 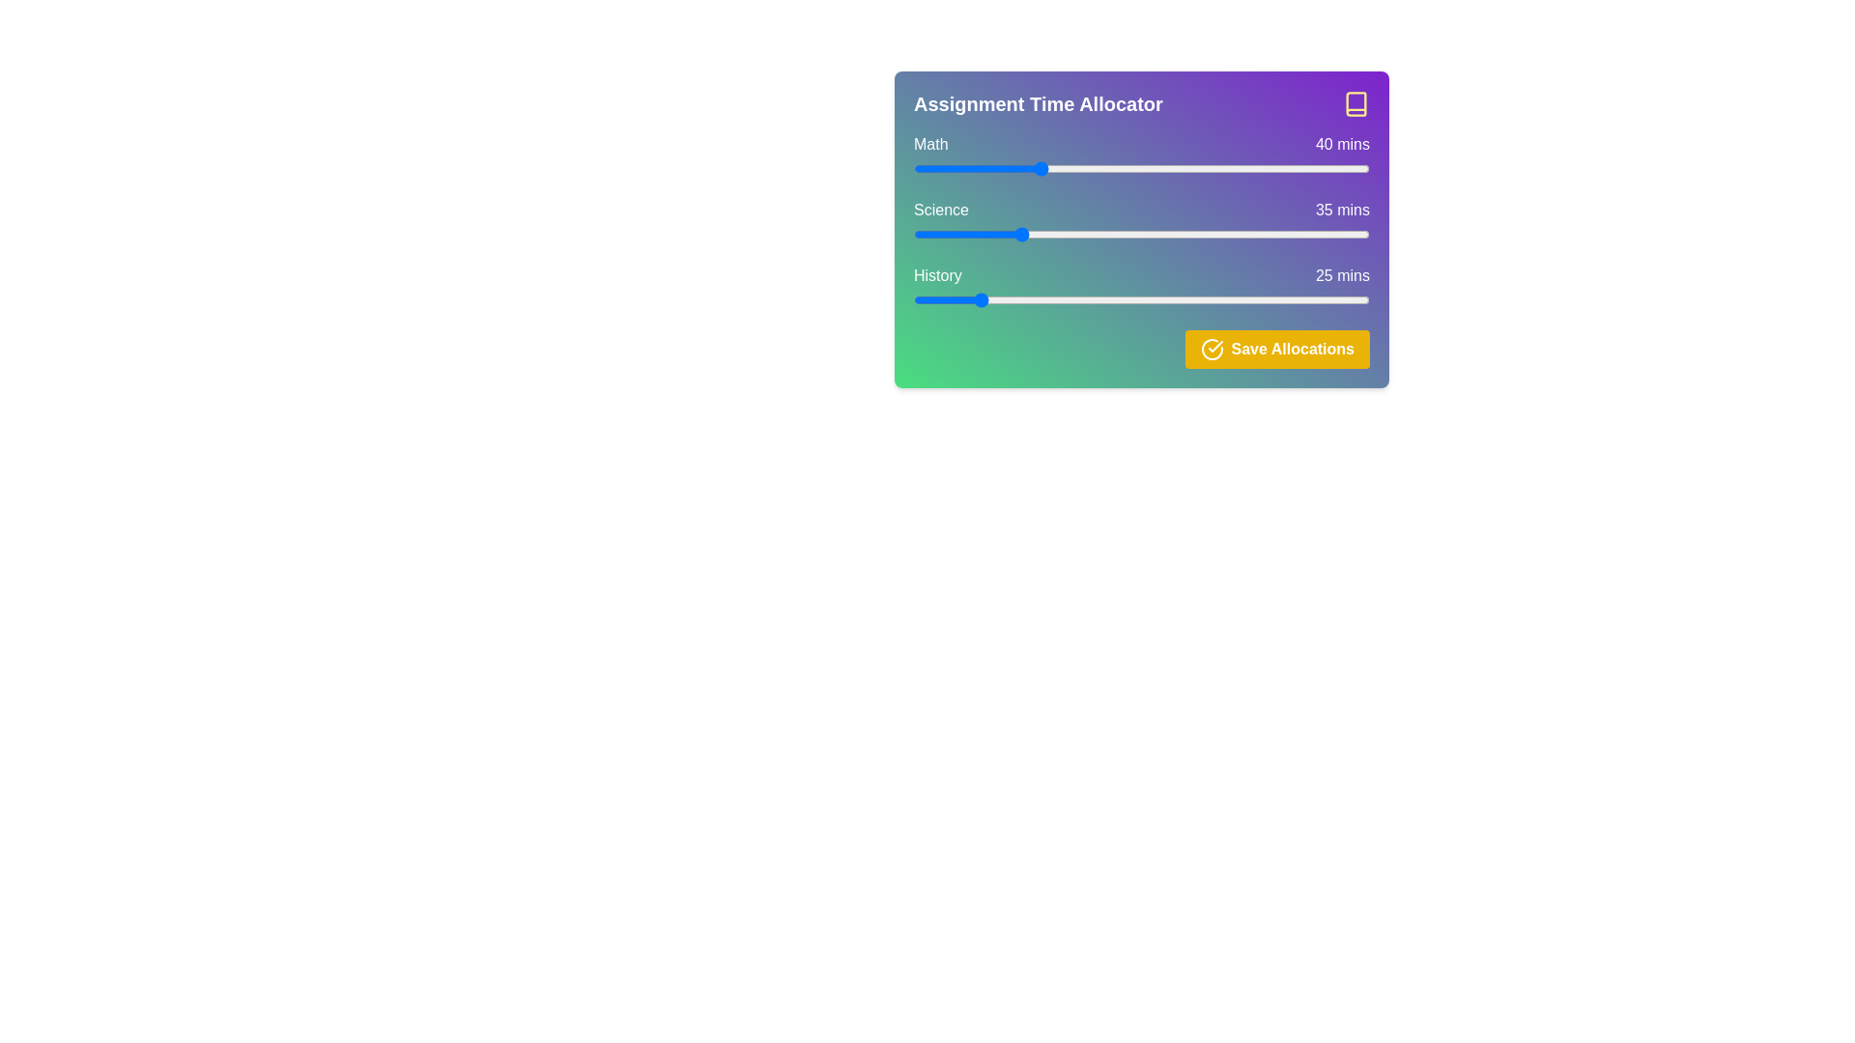 I want to click on time allocation for Science, so click(x=1203, y=234).